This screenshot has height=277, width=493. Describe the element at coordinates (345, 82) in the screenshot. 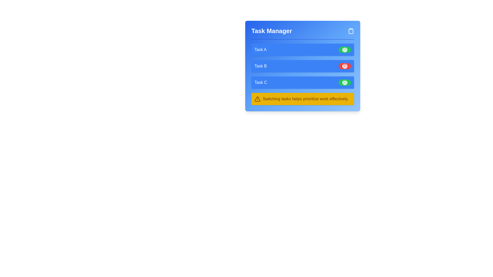

I see `the toggle switch located on the right side of the 'Task C' row in the task management interface` at that location.